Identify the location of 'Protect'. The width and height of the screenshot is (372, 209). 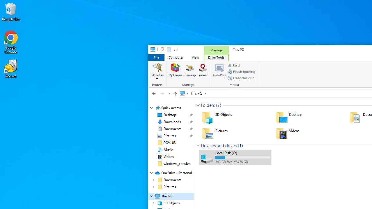
(158, 74).